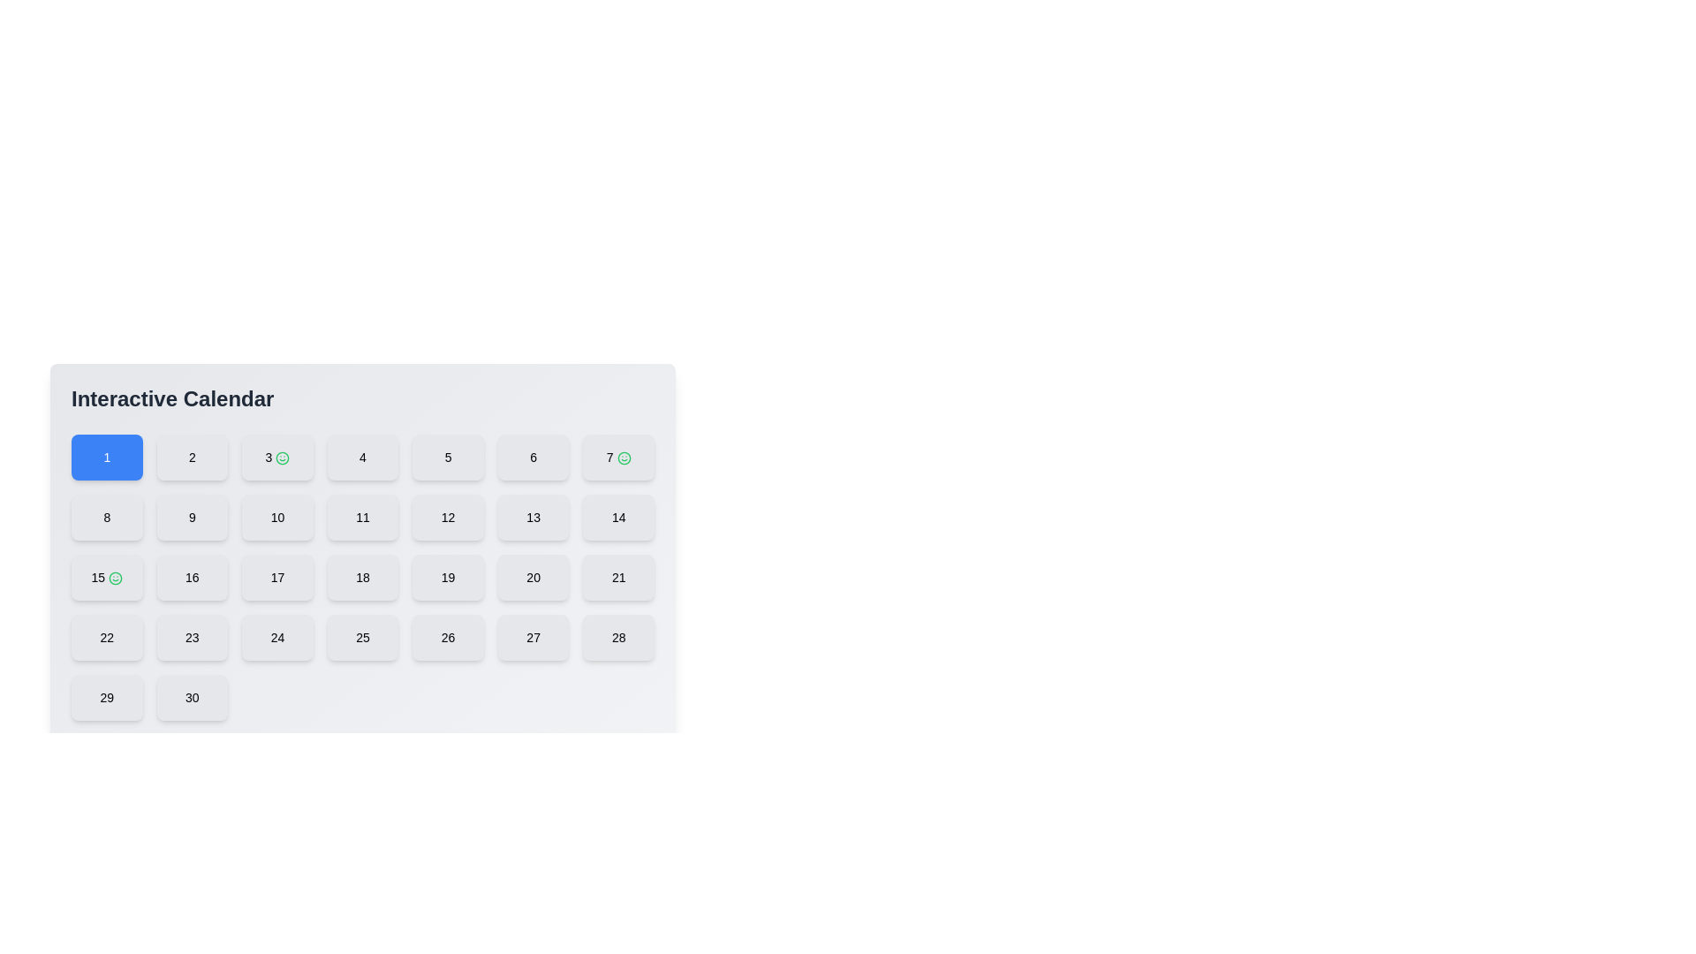  What do you see at coordinates (192, 517) in the screenshot?
I see `the number '9' displayed on the rectangular button with rounded corners, located in the second row and second column of the grid layout` at bounding box center [192, 517].